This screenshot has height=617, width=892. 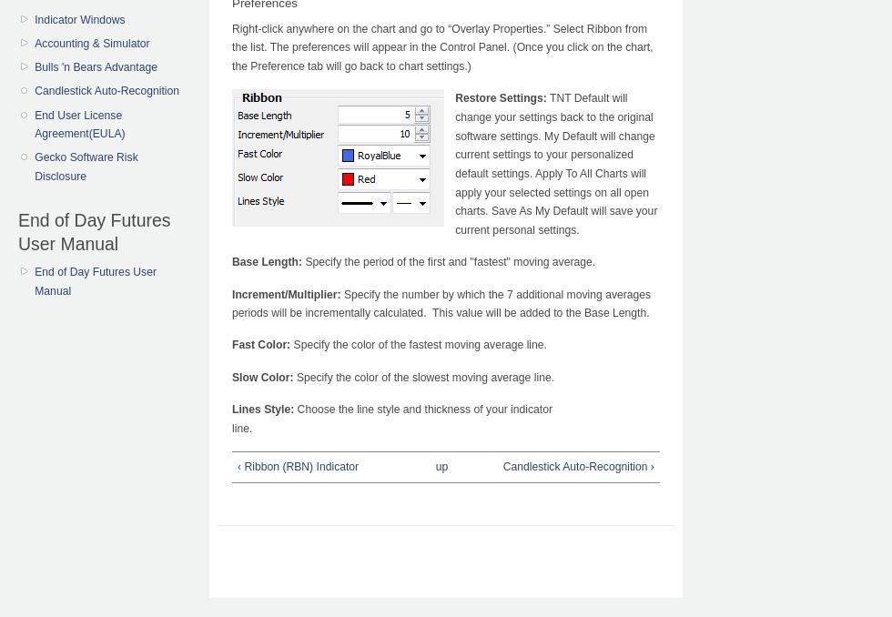 What do you see at coordinates (418, 344) in the screenshot?
I see `'Specify the color of the fastest moving average line.'` at bounding box center [418, 344].